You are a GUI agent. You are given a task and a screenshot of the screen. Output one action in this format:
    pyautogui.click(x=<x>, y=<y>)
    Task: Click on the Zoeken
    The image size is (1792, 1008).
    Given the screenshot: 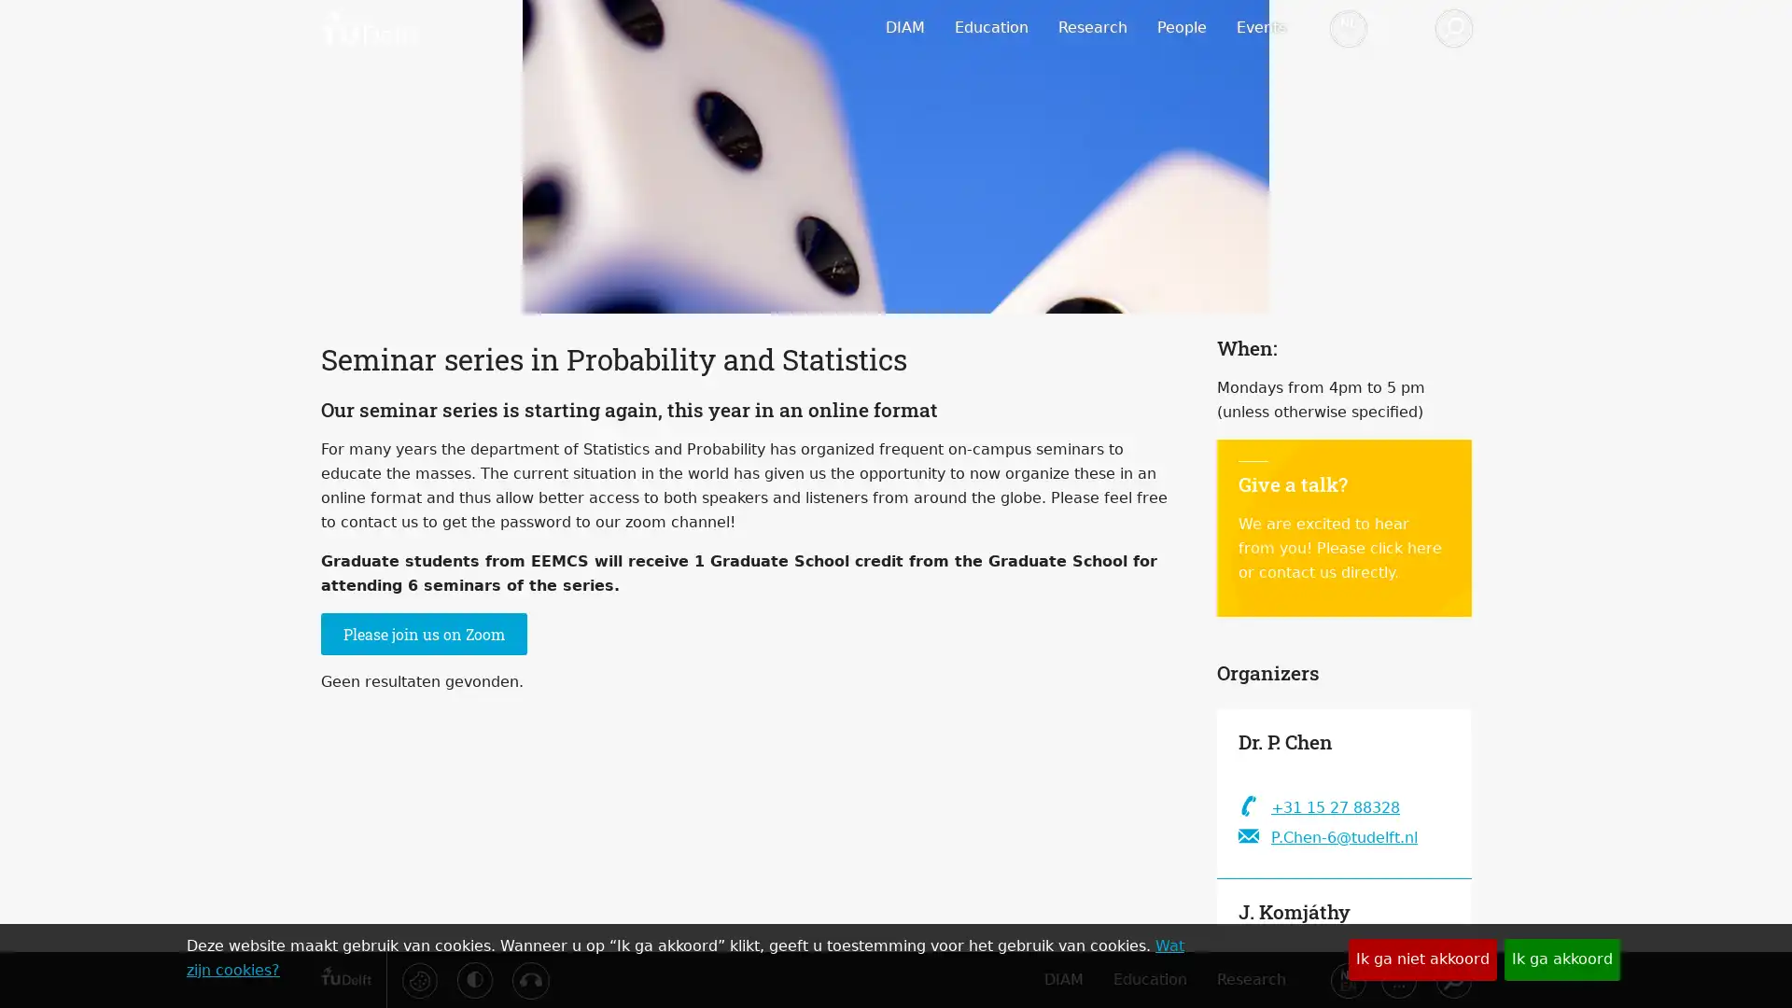 What is the action you would take?
    pyautogui.click(x=1451, y=978)
    